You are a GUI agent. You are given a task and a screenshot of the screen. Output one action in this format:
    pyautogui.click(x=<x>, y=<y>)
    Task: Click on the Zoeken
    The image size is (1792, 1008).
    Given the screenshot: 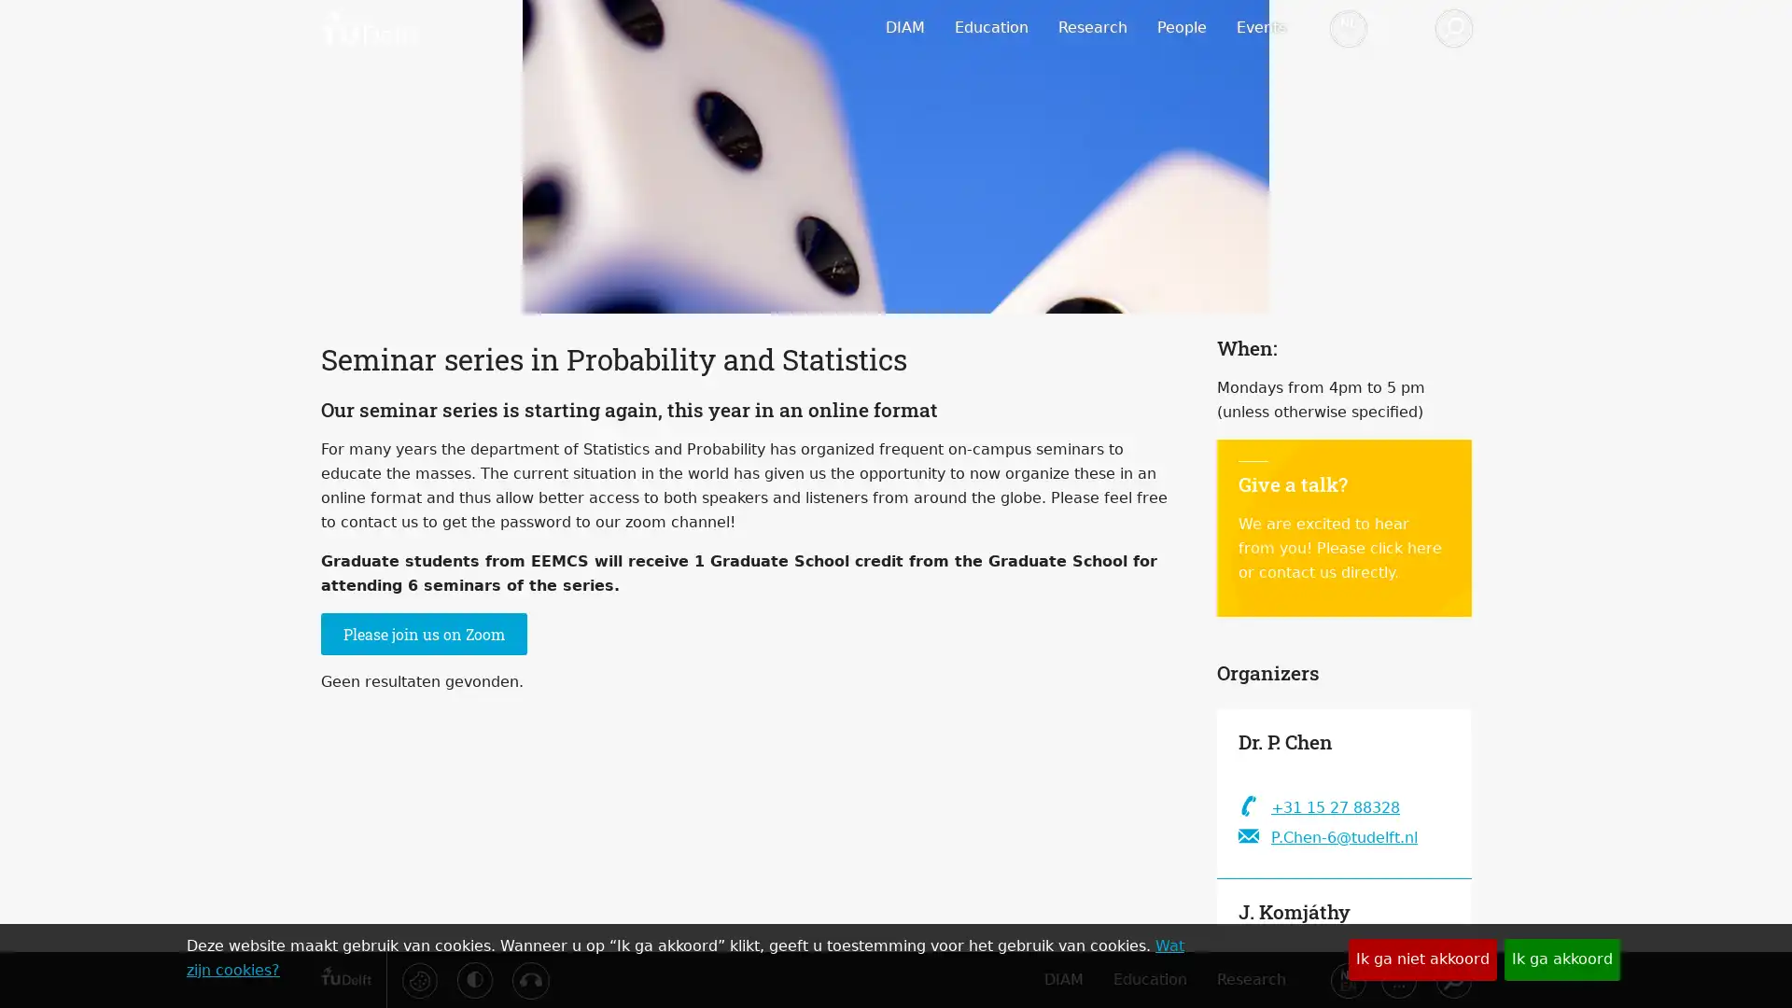 What is the action you would take?
    pyautogui.click(x=1451, y=978)
    